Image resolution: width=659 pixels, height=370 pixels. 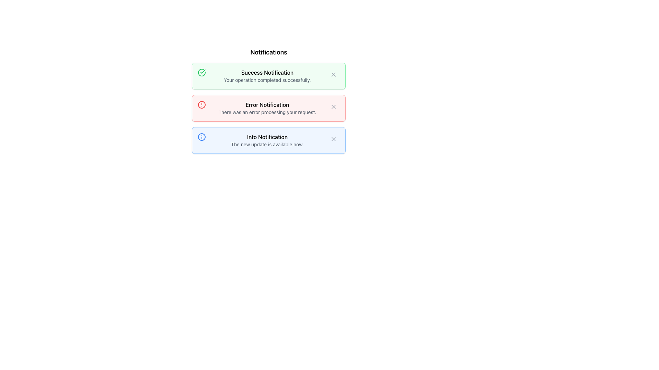 I want to click on the diagonal cross mark button within the 'Info Notification' box, so click(x=333, y=139).